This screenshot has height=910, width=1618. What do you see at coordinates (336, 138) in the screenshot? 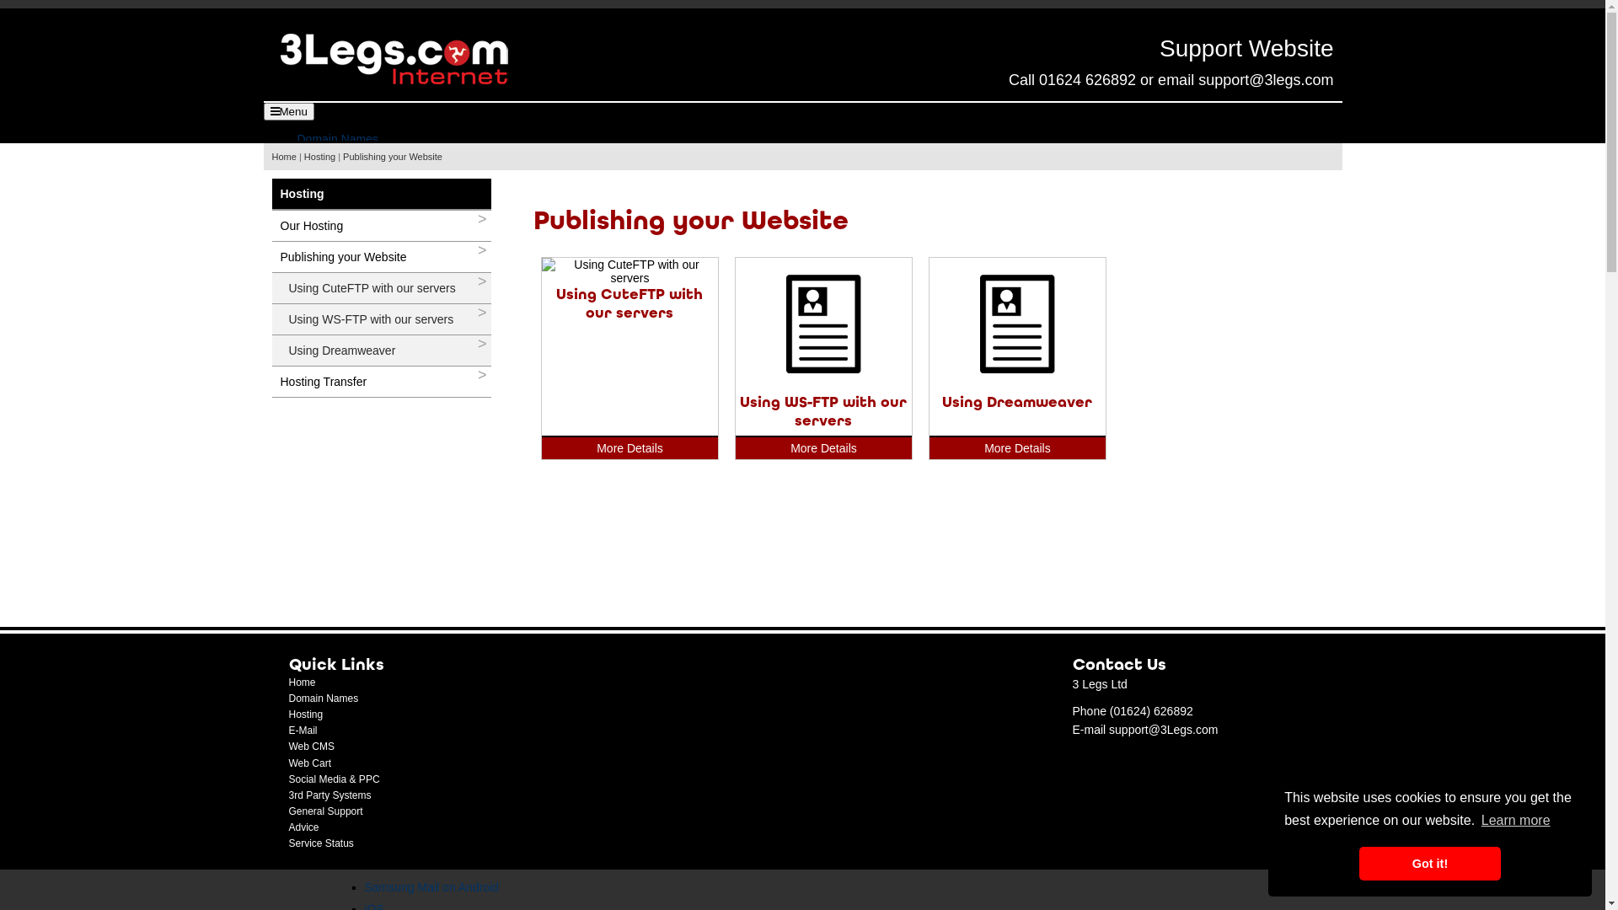
I see `'Domain Names'` at bounding box center [336, 138].